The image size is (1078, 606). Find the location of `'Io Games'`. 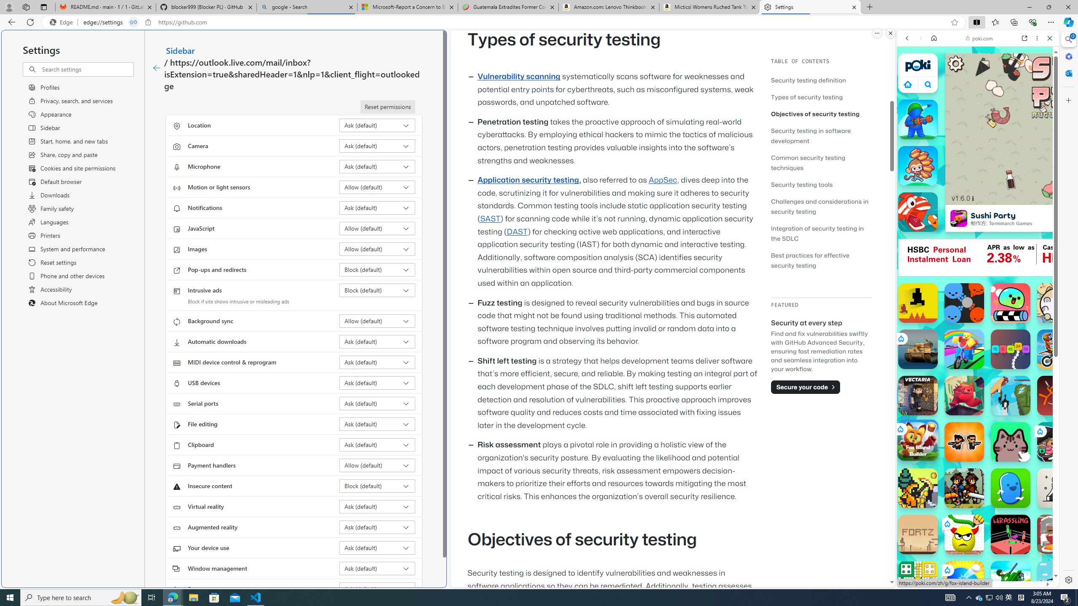

'Io Games' is located at coordinates (977, 259).